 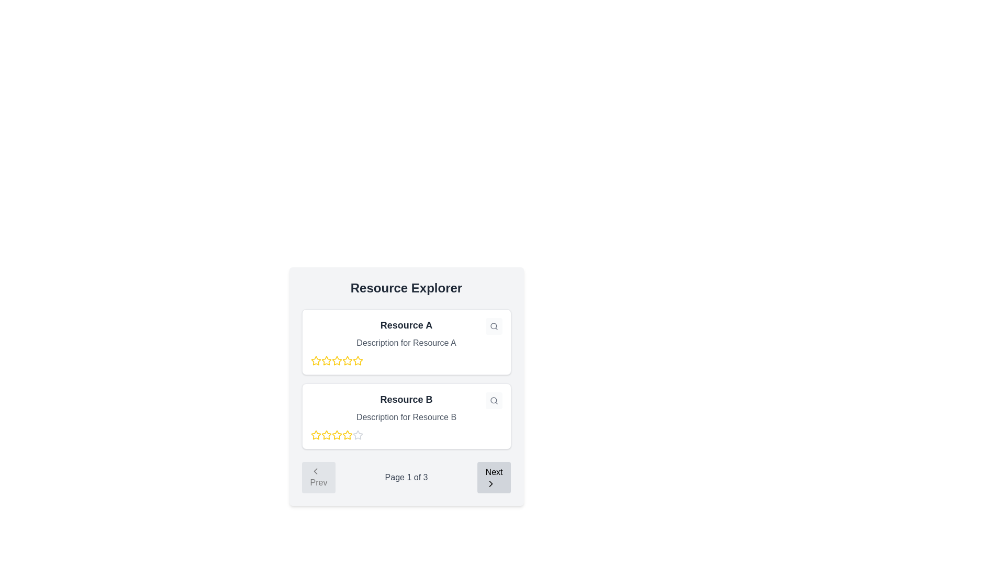 I want to click on the first star in the rating section for 'Resource B' located in the second row of the resource explorer, so click(x=315, y=435).